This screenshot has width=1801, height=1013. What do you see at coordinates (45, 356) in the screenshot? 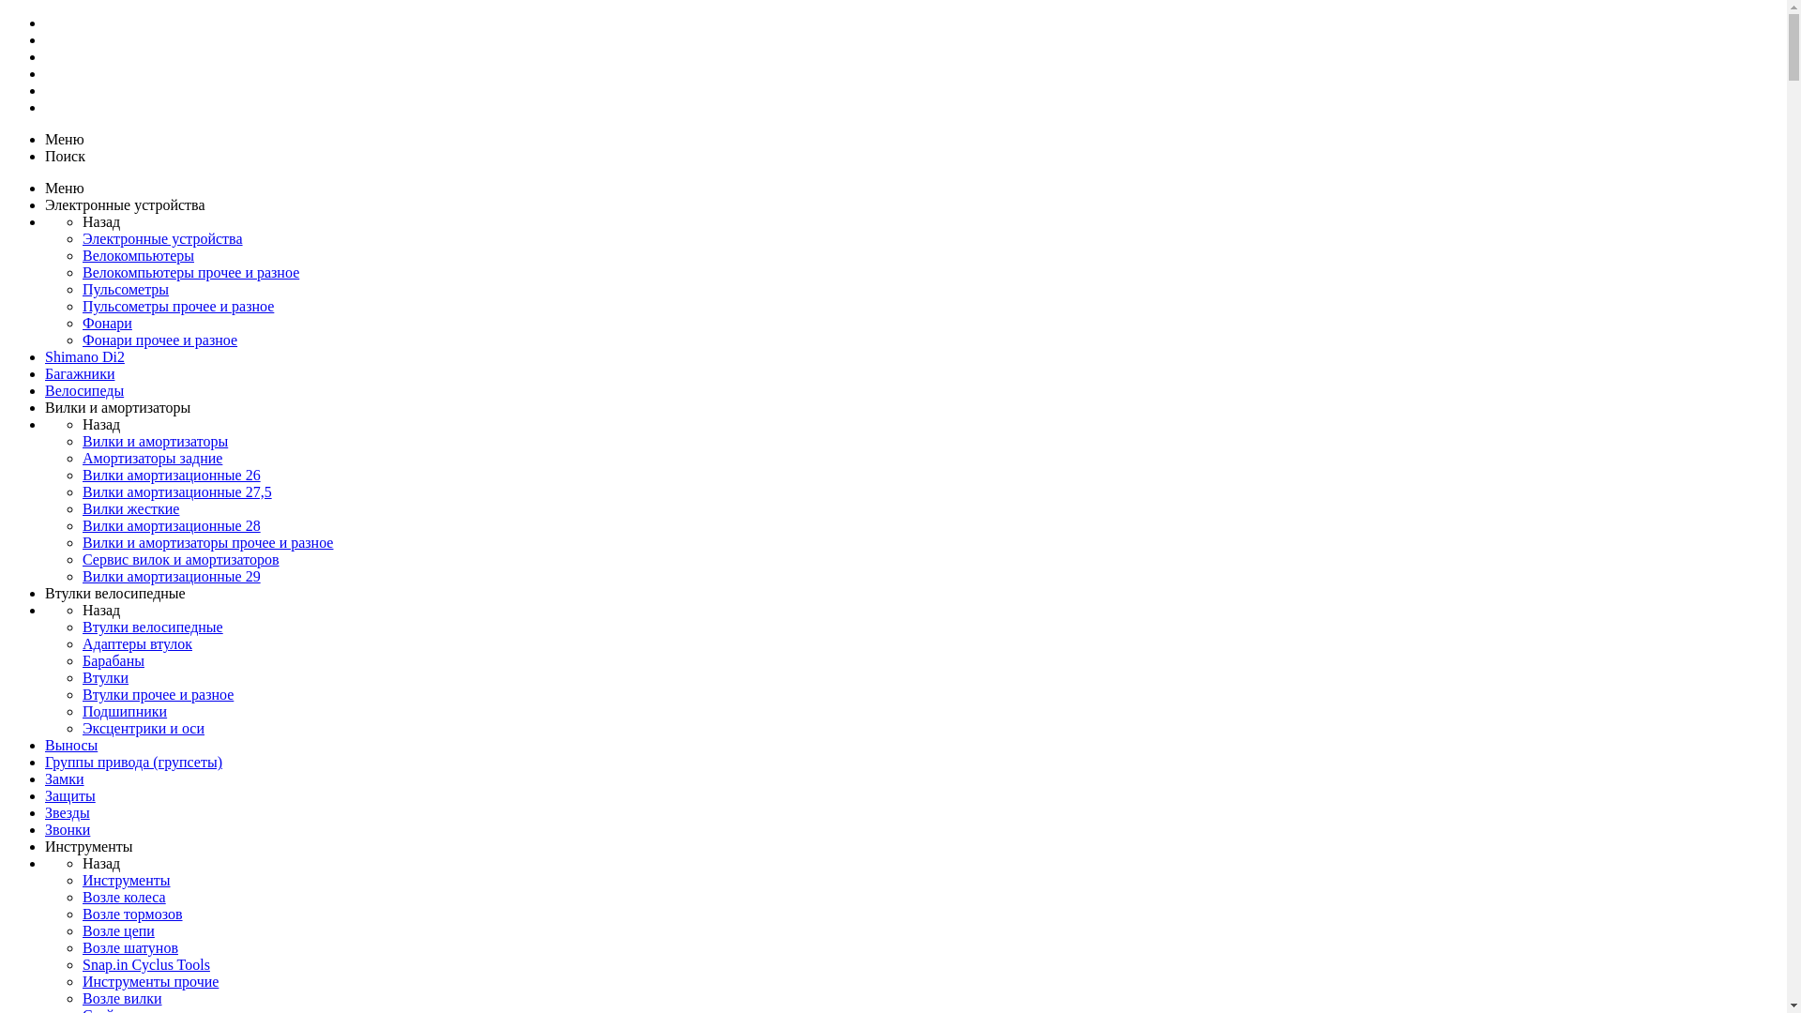
I see `'Shimano Di2'` at bounding box center [45, 356].